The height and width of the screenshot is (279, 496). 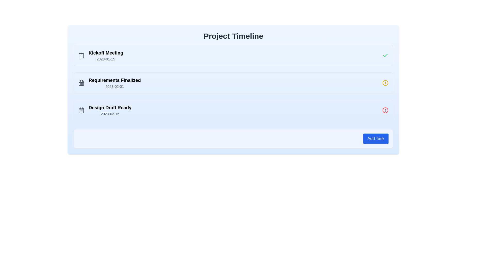 What do you see at coordinates (105, 53) in the screenshot?
I see `the Text Label that serves as the title for the first entry in the 'Project Timeline' section, positioned above the date '2023-01-15'` at bounding box center [105, 53].